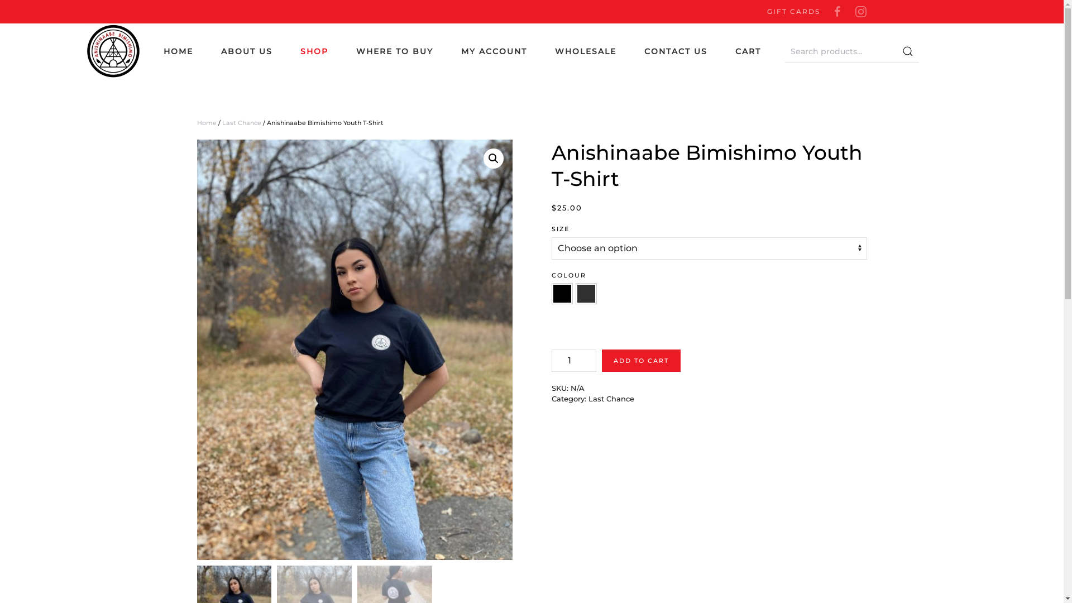 This screenshot has width=1072, height=603. Describe the element at coordinates (585, 51) in the screenshot. I see `'WHOLESALE'` at that location.